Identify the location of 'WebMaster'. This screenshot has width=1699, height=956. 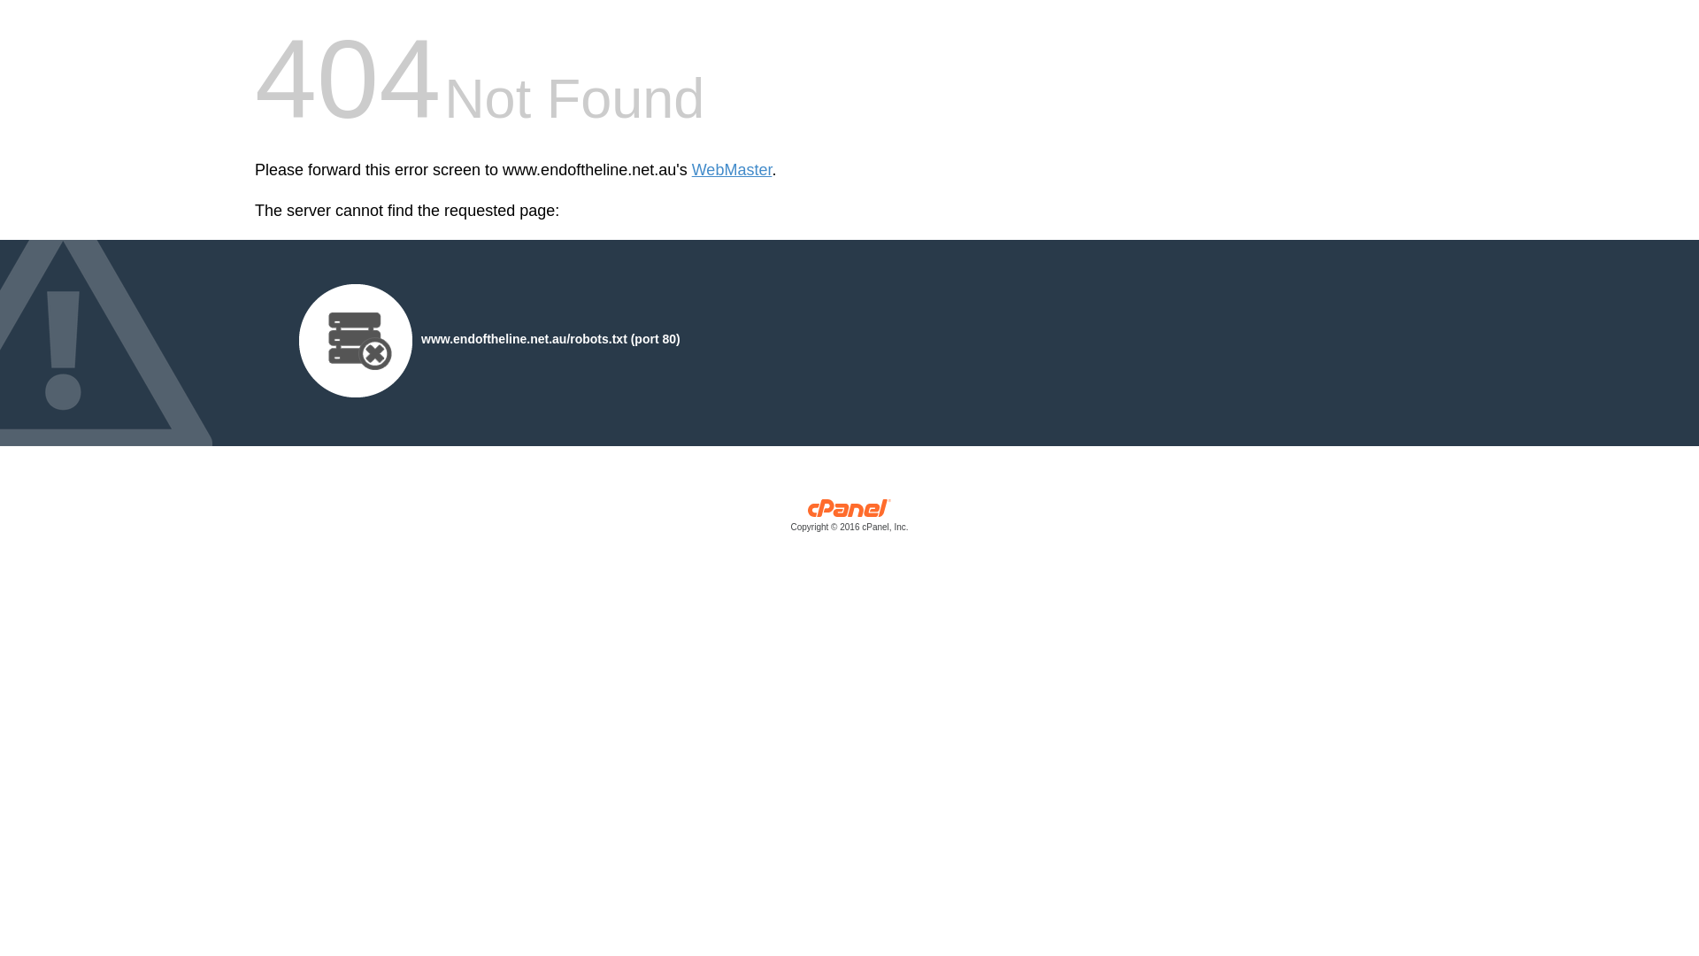
(732, 170).